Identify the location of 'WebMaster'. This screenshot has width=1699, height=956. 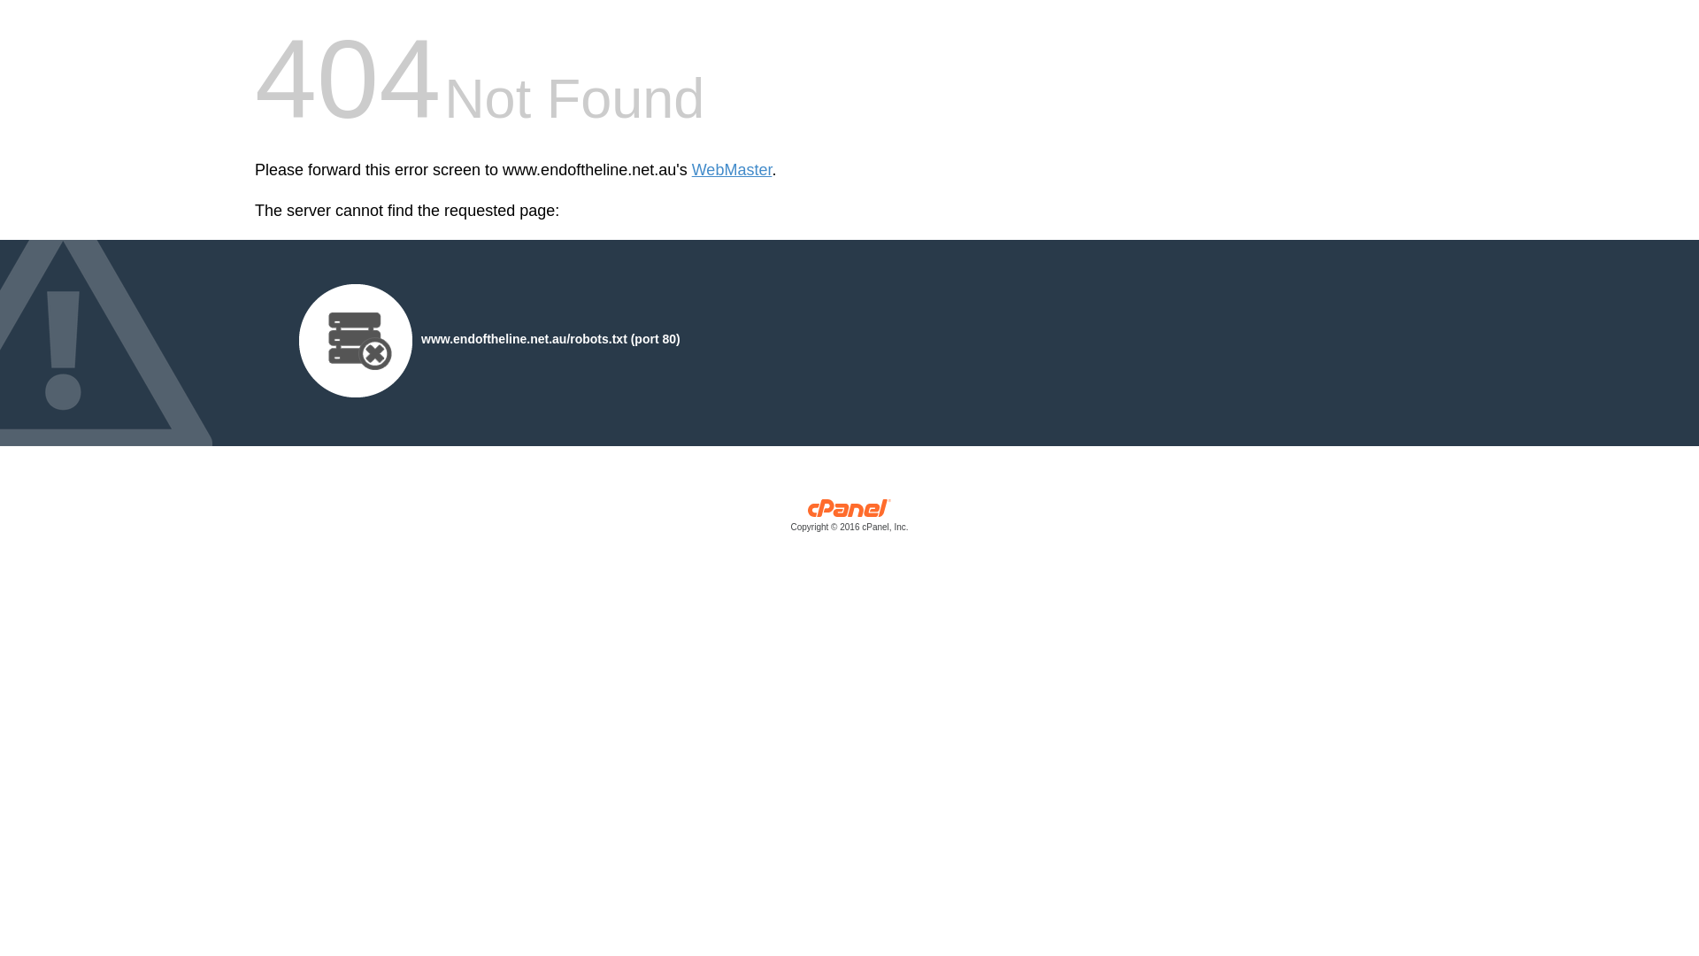
(732, 170).